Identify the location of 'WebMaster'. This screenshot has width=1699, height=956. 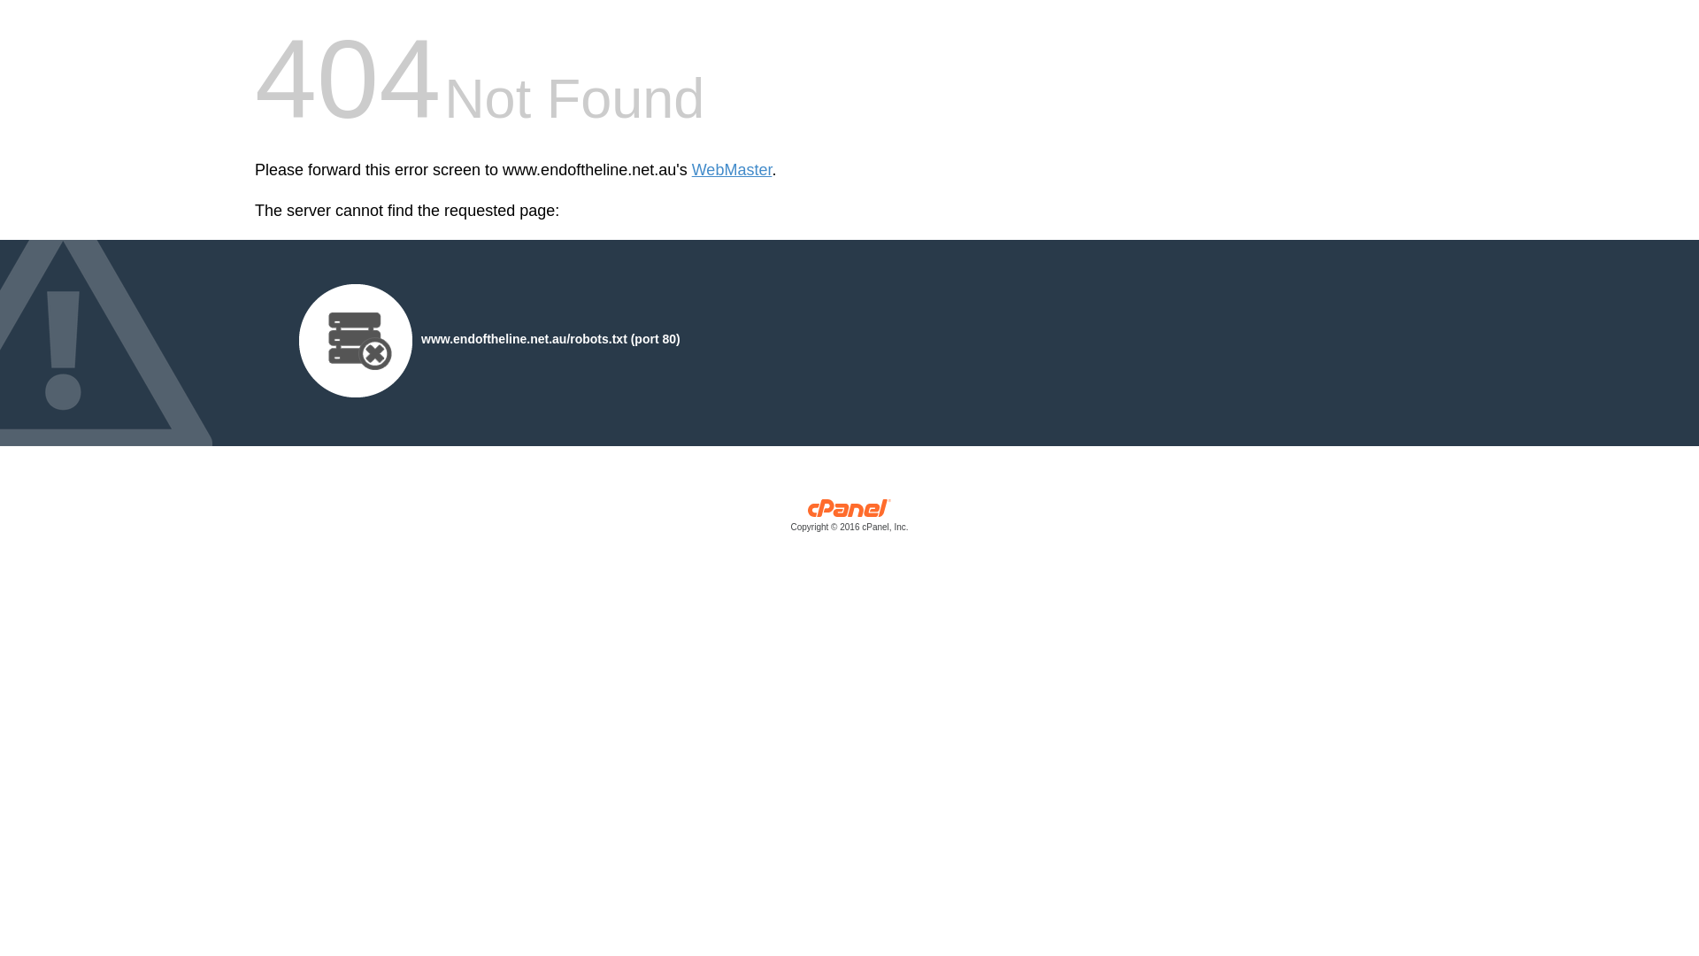
(732, 170).